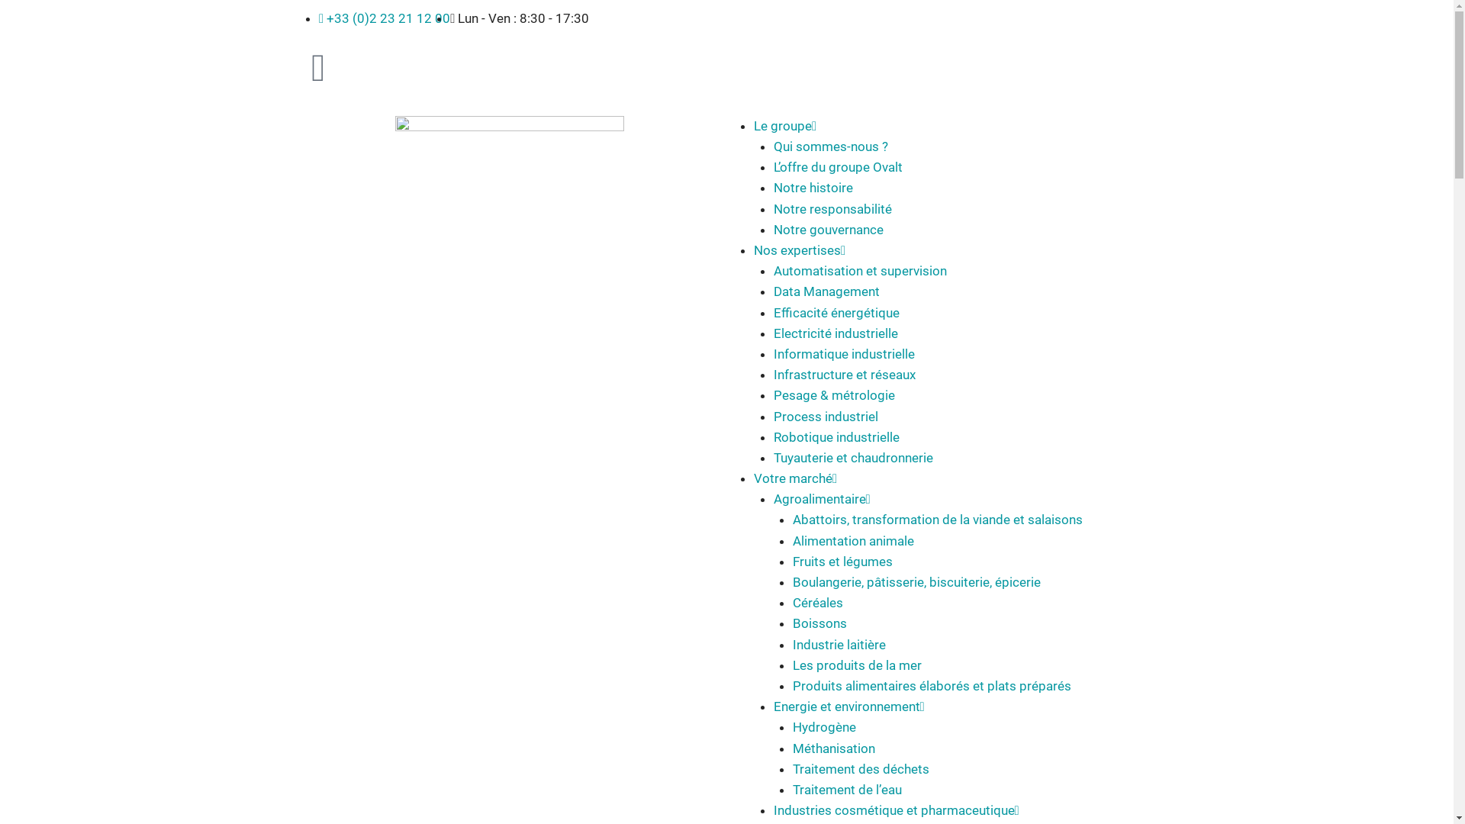  What do you see at coordinates (773, 229) in the screenshot?
I see `'Notre gouvernance'` at bounding box center [773, 229].